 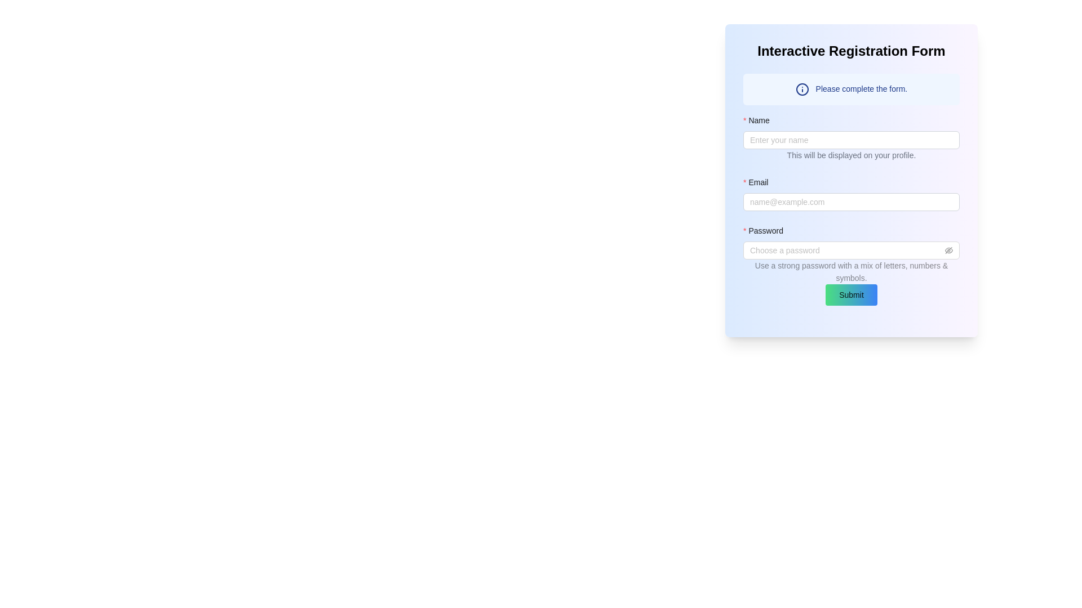 What do you see at coordinates (948, 249) in the screenshot?
I see `the gray eye icon with a strikethrough, located at the far right edge of the 'Choose a password' input box in the registration form` at bounding box center [948, 249].